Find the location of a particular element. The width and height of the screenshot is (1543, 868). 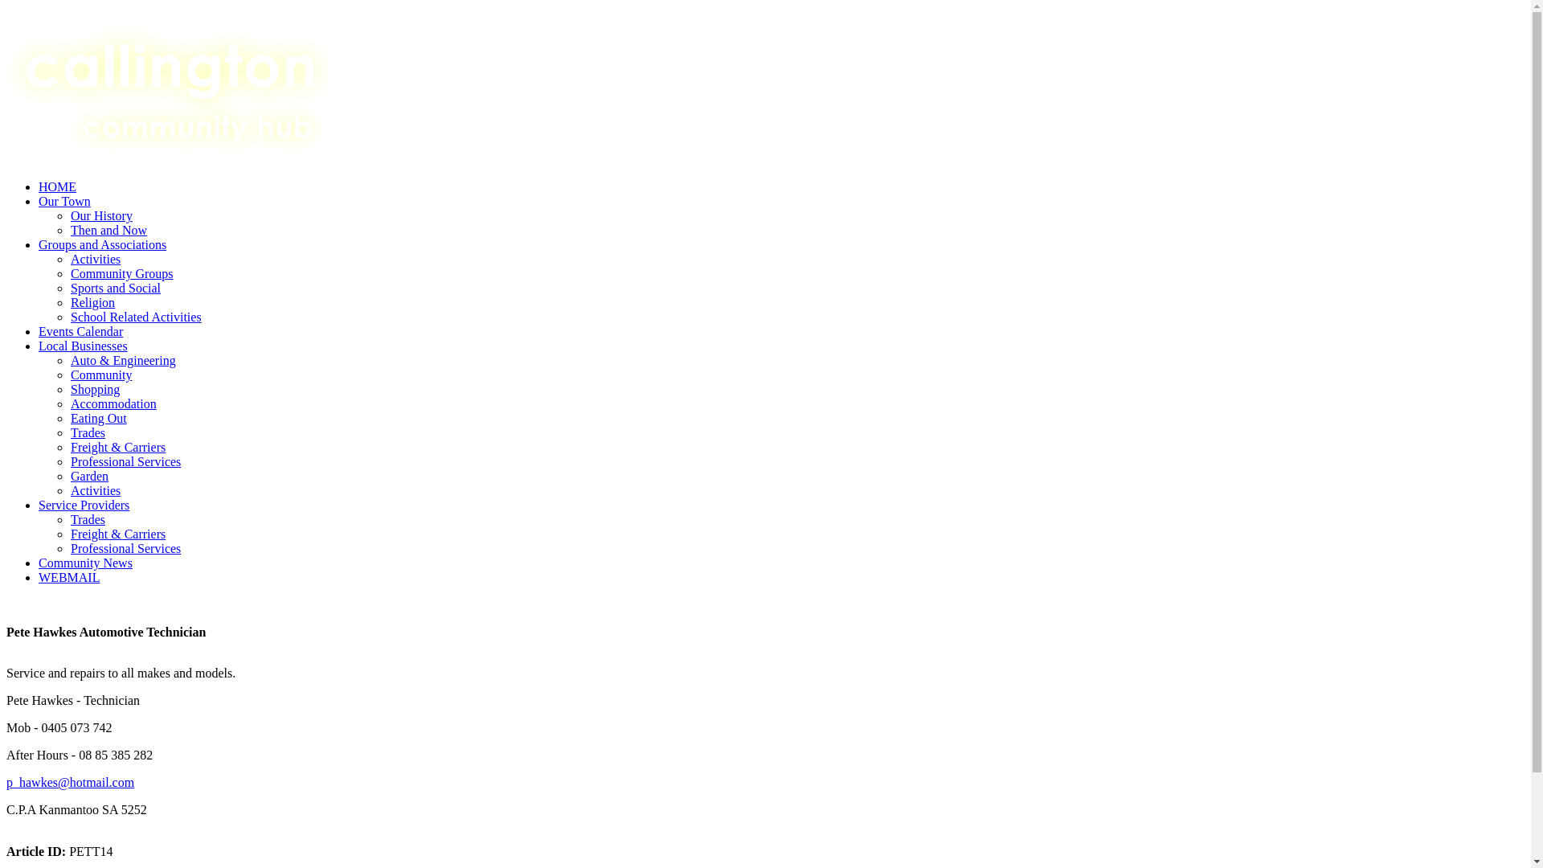

'Freight & Carriers' is located at coordinates (69, 534).